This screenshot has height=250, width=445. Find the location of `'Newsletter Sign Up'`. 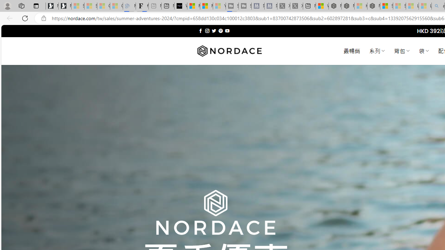

'Newsletter Sign Up' is located at coordinates (65, 6).